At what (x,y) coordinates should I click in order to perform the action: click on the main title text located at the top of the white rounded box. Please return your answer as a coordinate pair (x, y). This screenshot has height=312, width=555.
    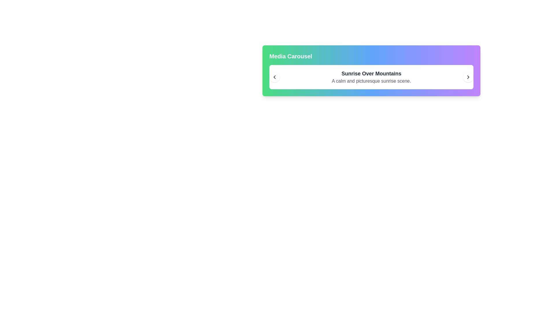
    Looking at the image, I should click on (371, 73).